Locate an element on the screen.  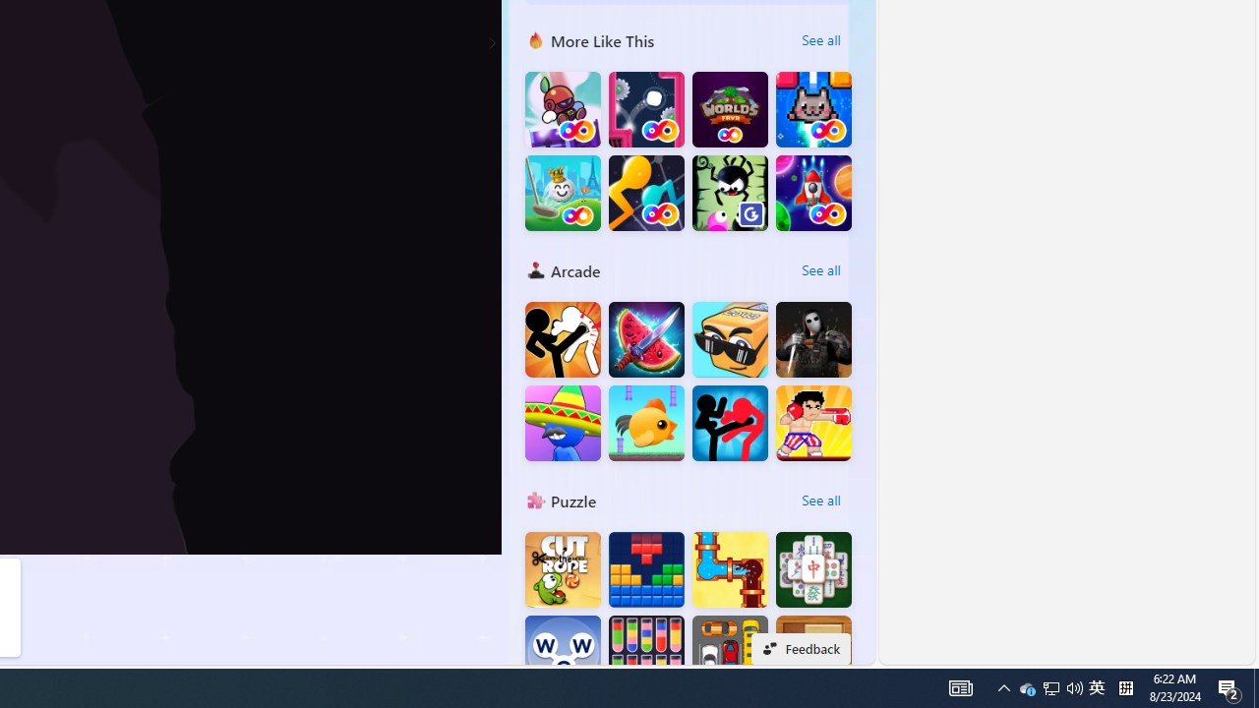
'Worlds FRVR' is located at coordinates (729, 109).